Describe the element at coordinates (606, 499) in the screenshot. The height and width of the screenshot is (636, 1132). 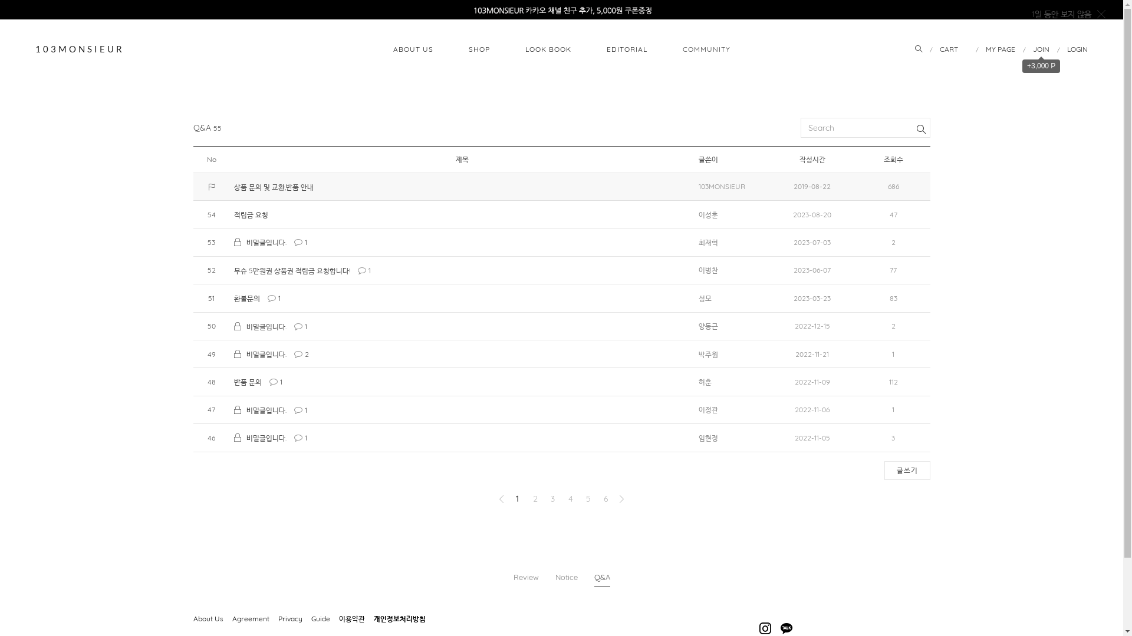
I see `'6'` at that location.